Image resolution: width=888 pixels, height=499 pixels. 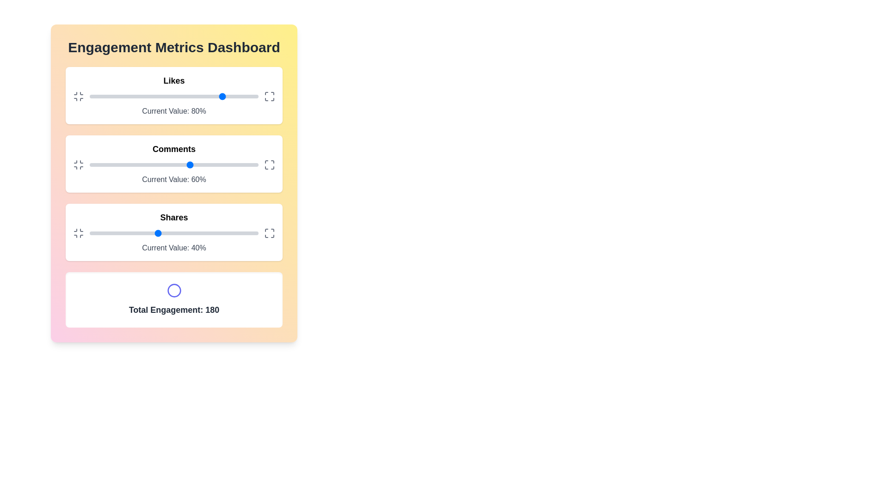 What do you see at coordinates (150, 233) in the screenshot?
I see `the 'Shares' slider` at bounding box center [150, 233].